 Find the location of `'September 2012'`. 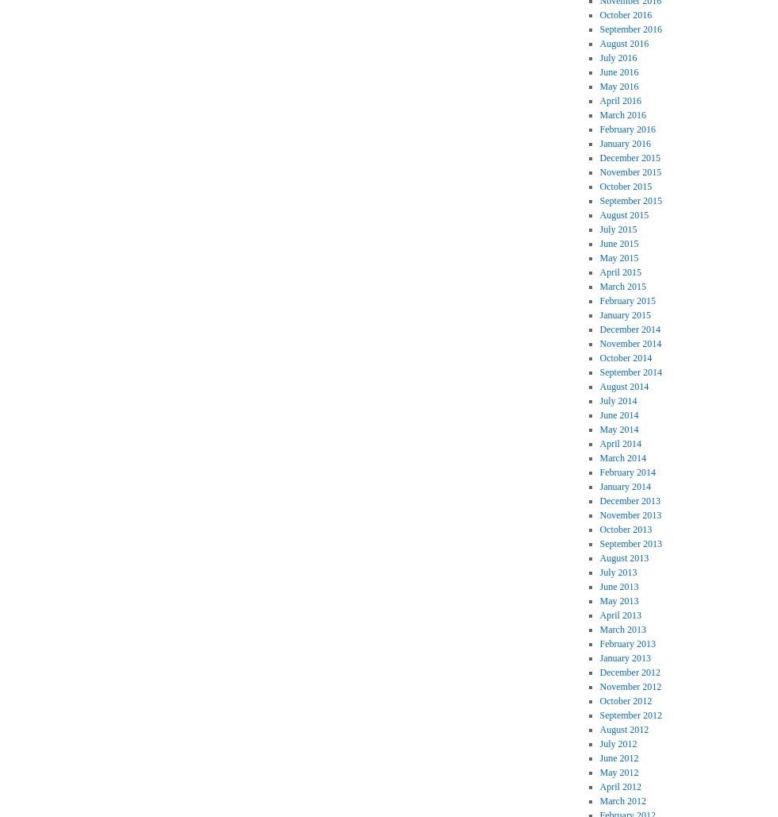

'September 2012' is located at coordinates (630, 715).